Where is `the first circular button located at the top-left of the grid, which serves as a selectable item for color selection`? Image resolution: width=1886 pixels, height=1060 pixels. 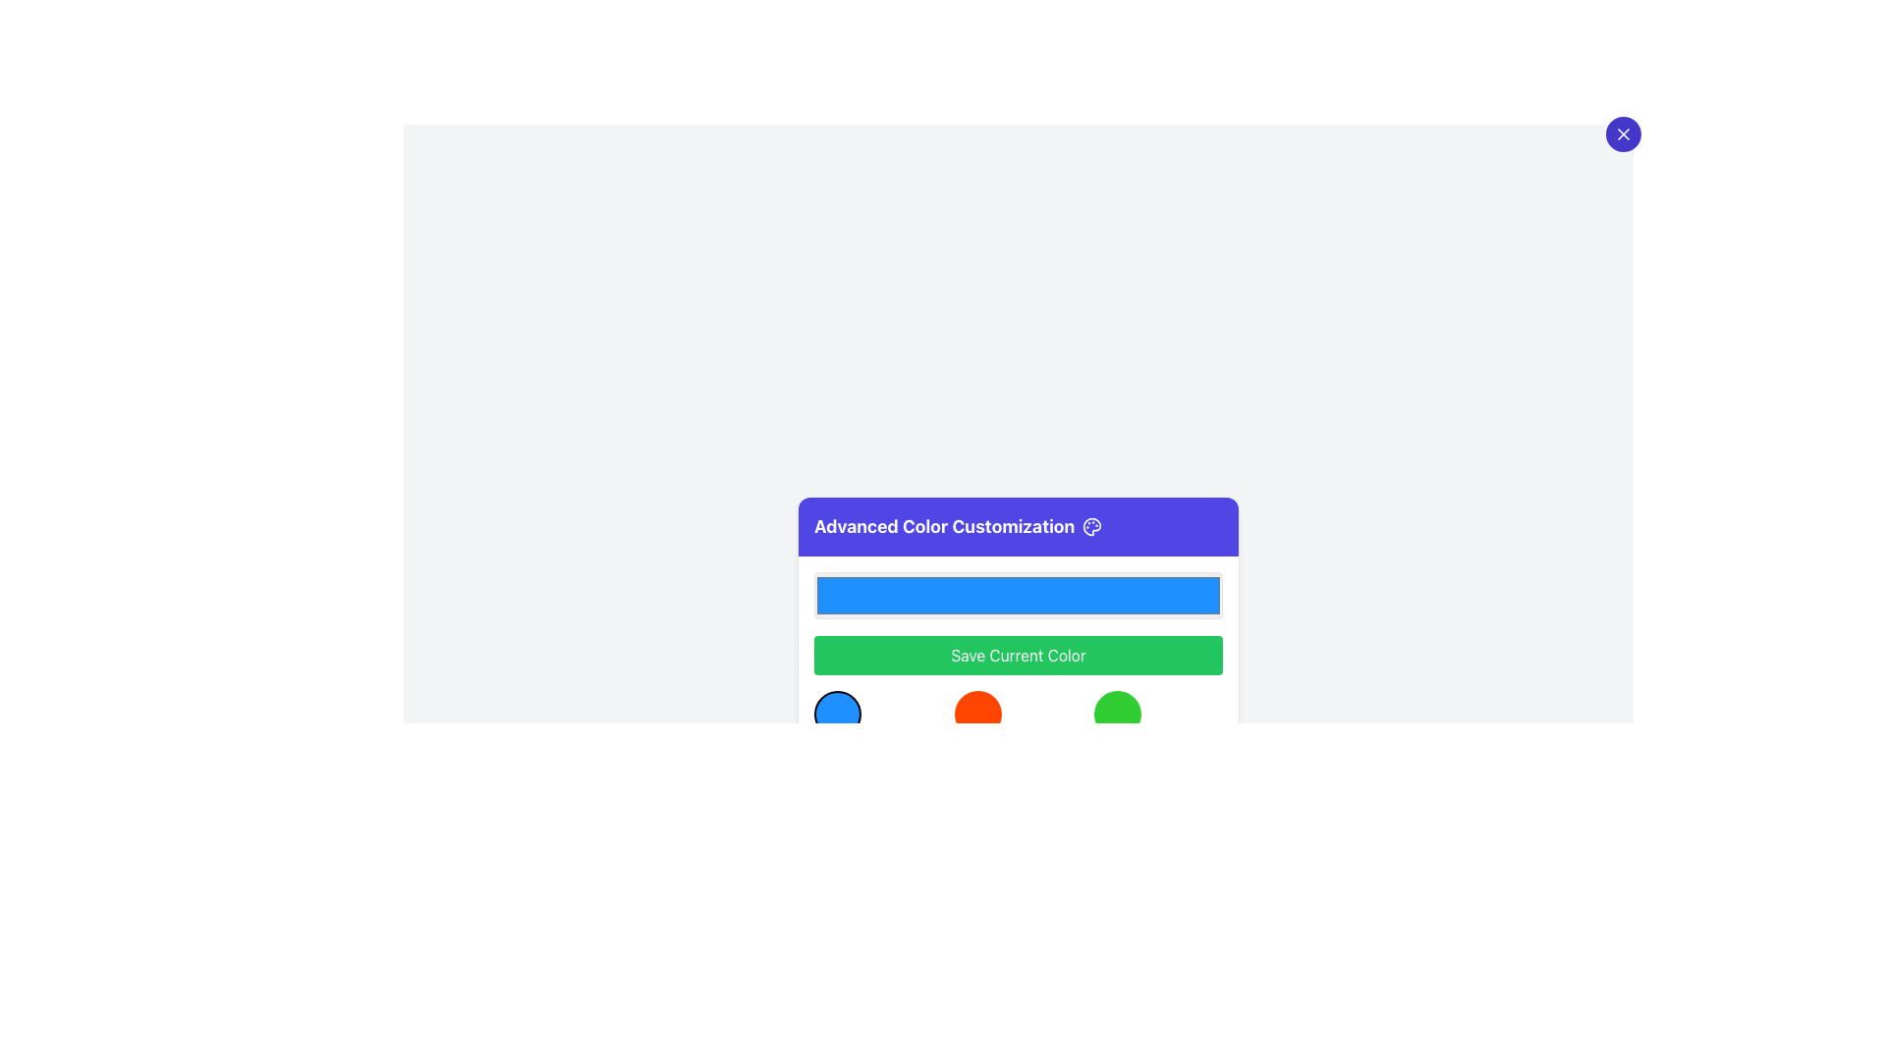 the first circular button located at the top-left of the grid, which serves as a selectable item for color selection is located at coordinates (838, 714).